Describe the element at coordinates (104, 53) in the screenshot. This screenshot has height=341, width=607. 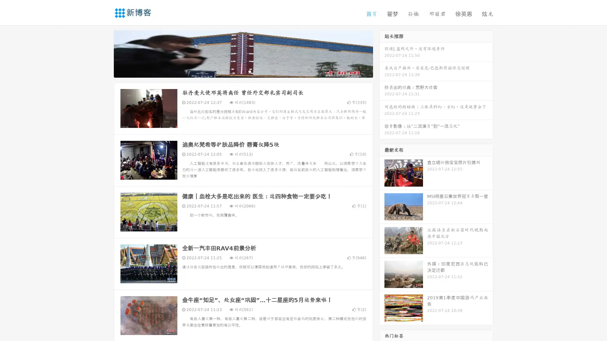
I see `Previous slide` at that location.